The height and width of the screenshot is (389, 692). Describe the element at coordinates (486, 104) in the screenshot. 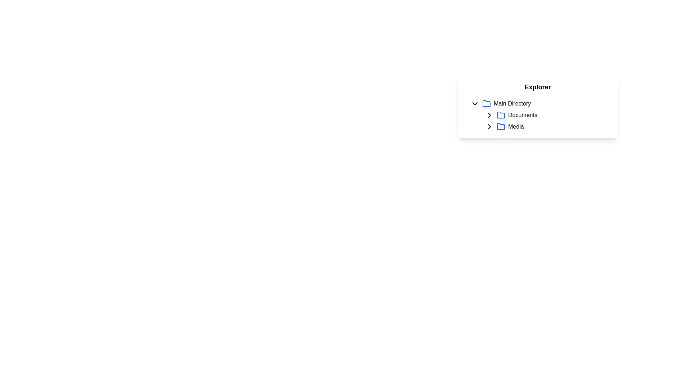

I see `the folder icon representing the 'Main Directory' to observe its visual change or tooltip` at that location.